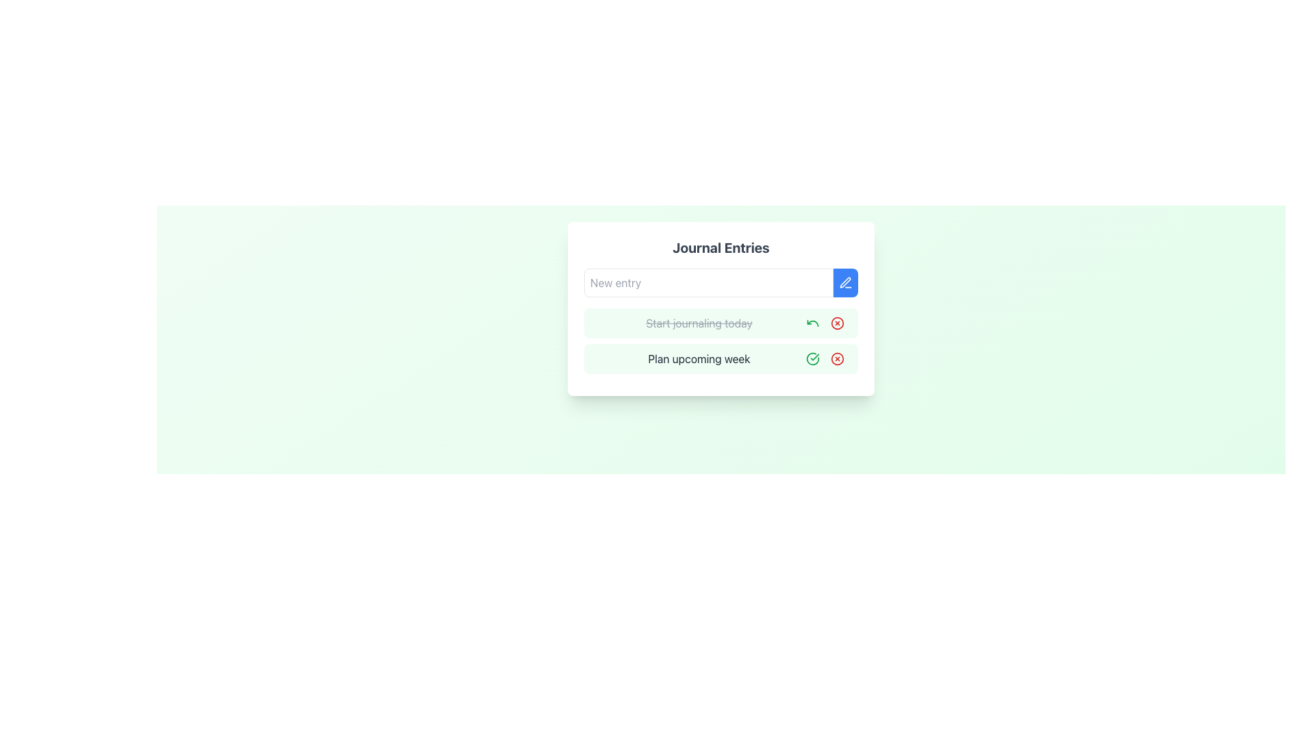  Describe the element at coordinates (720, 323) in the screenshot. I see `the completed journal task entry in the 'Journal Entries' section` at that location.